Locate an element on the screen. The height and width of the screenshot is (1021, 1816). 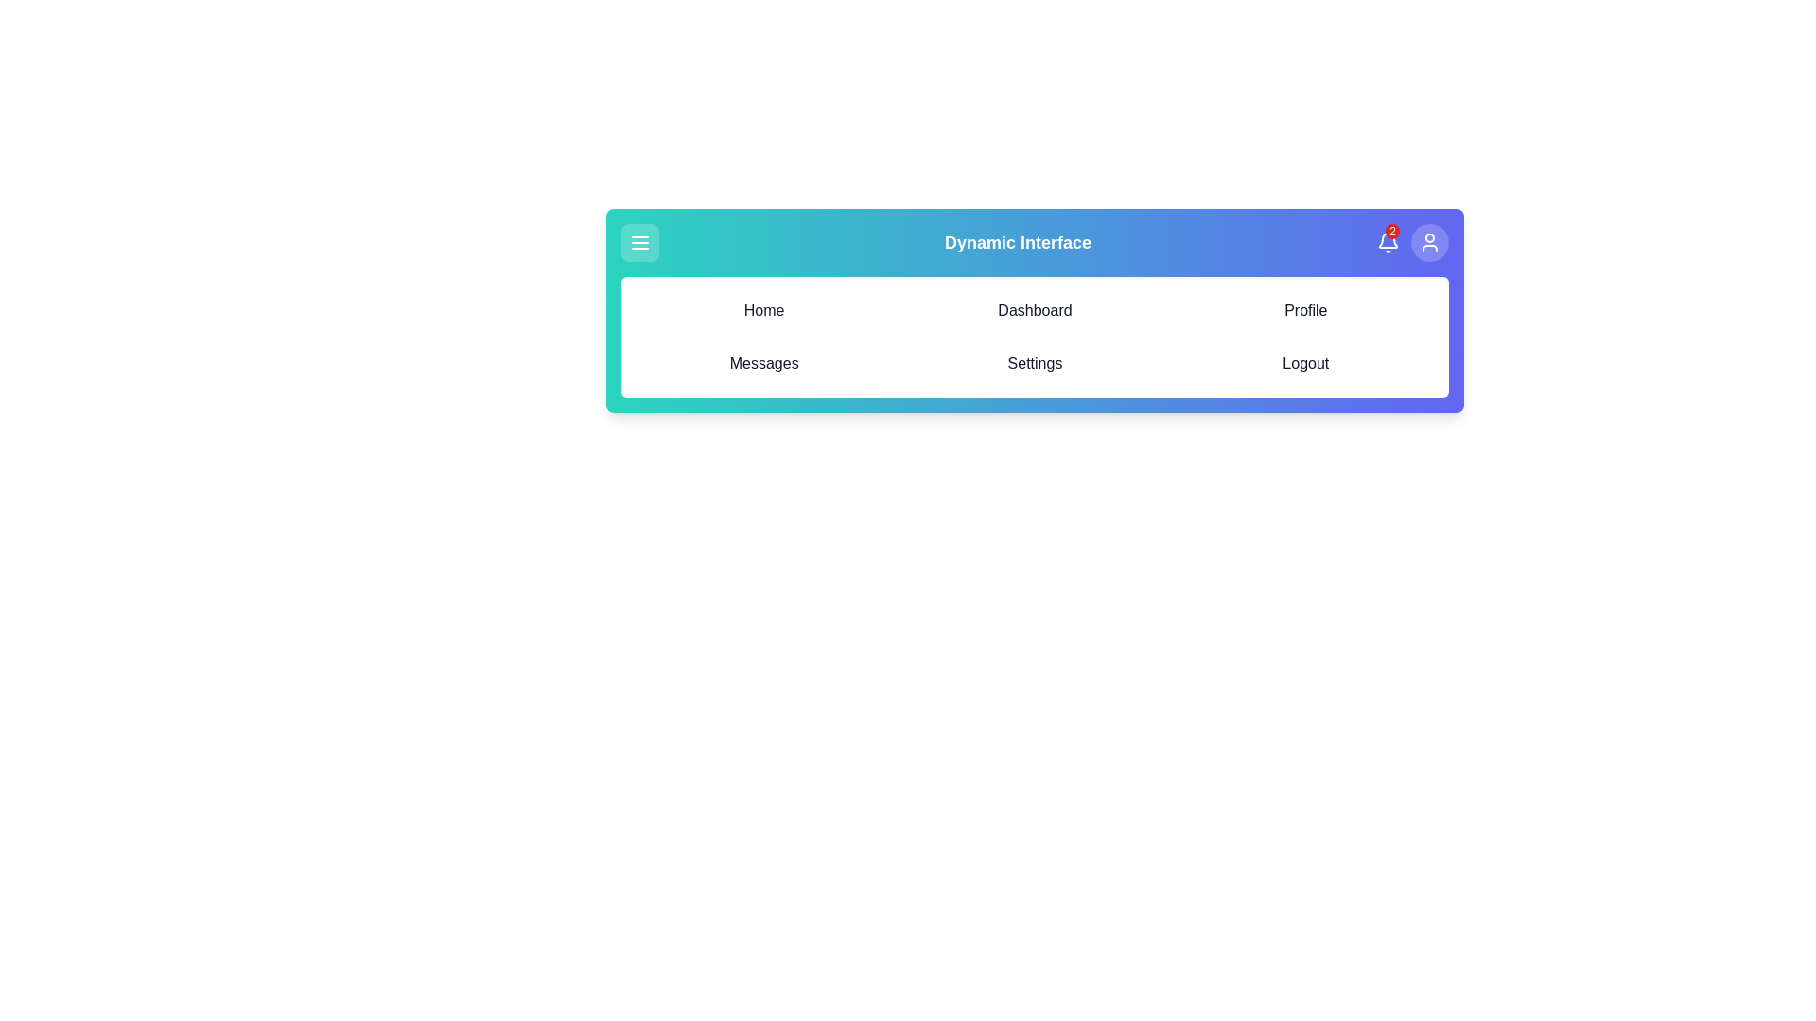
the navigation item Logout from the menu is located at coordinates (1304, 364).